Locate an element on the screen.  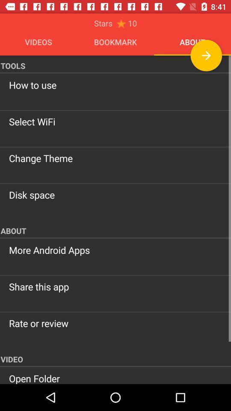
next page is located at coordinates (206, 55).